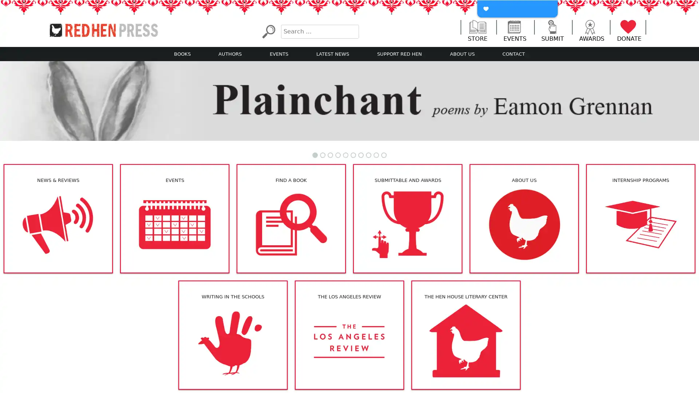  Describe the element at coordinates (268, 31) in the screenshot. I see `search icon` at that location.